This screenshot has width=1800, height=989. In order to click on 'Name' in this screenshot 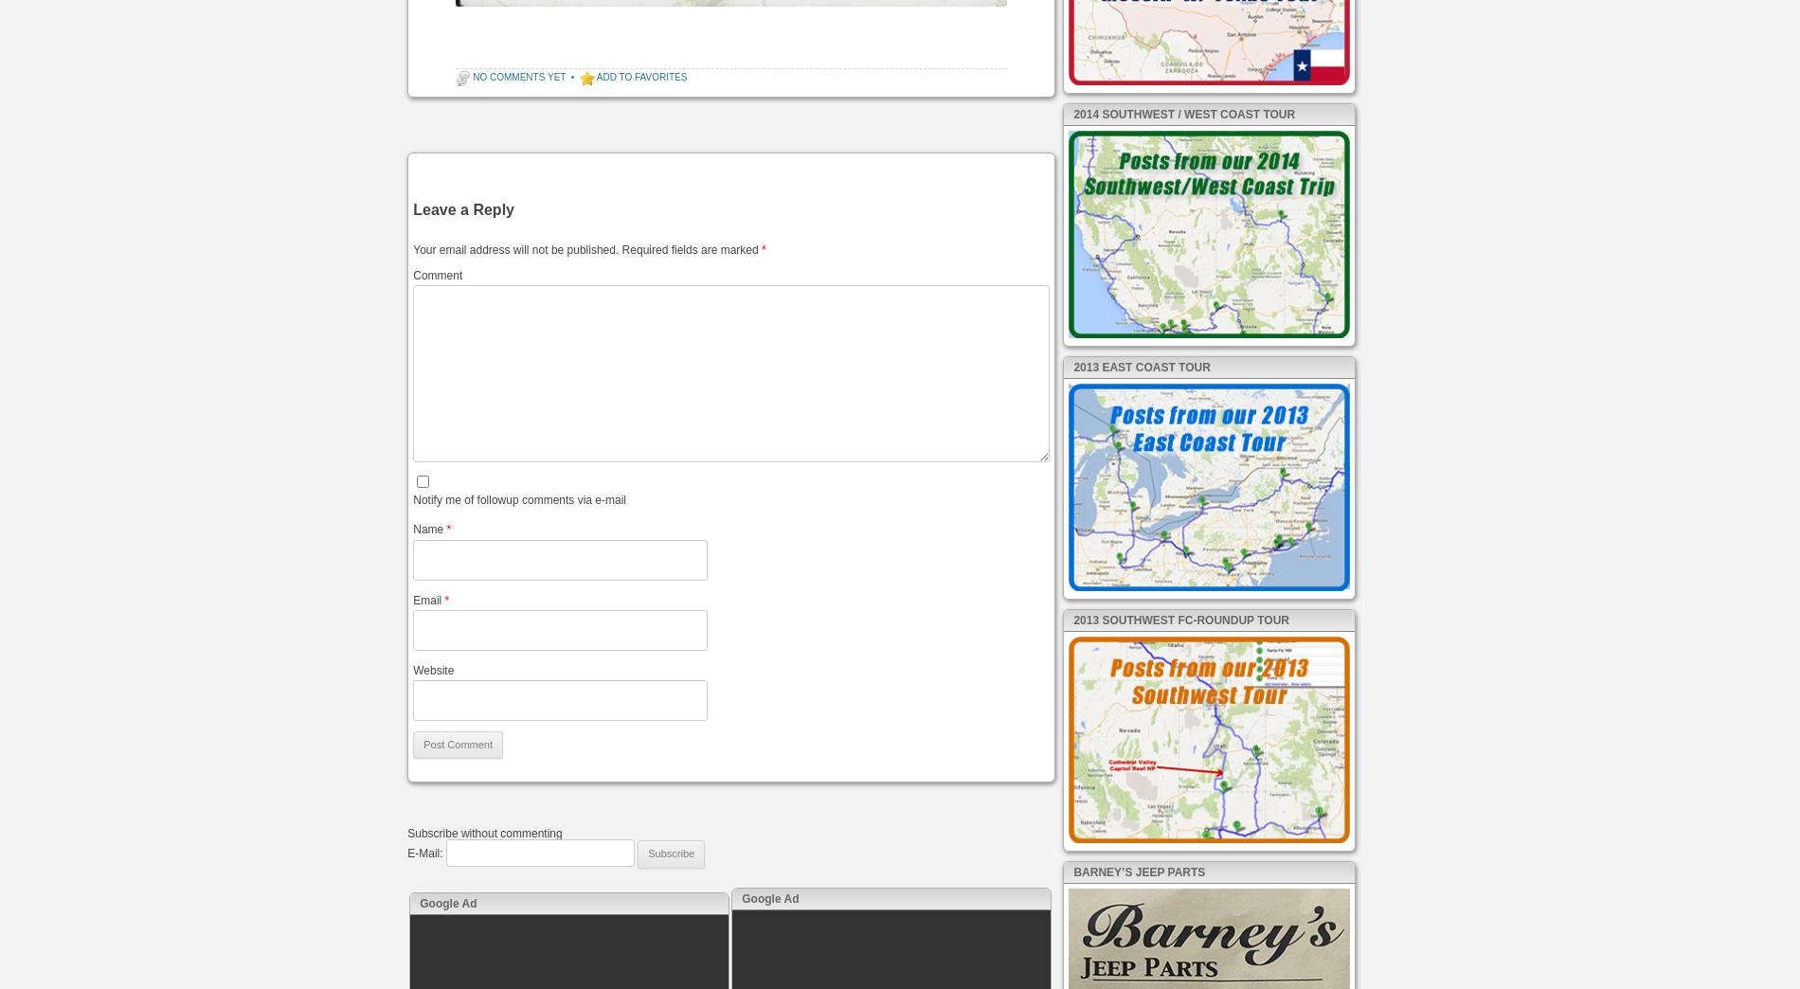, I will do `click(428, 528)`.